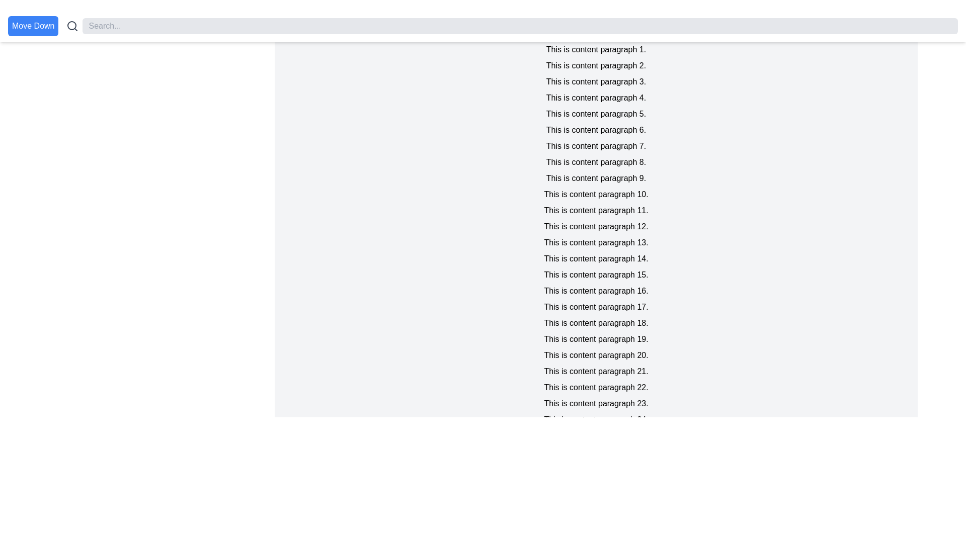 The width and height of the screenshot is (966, 543). I want to click on the 12th paragraph text component to focus on it, so click(596, 227).